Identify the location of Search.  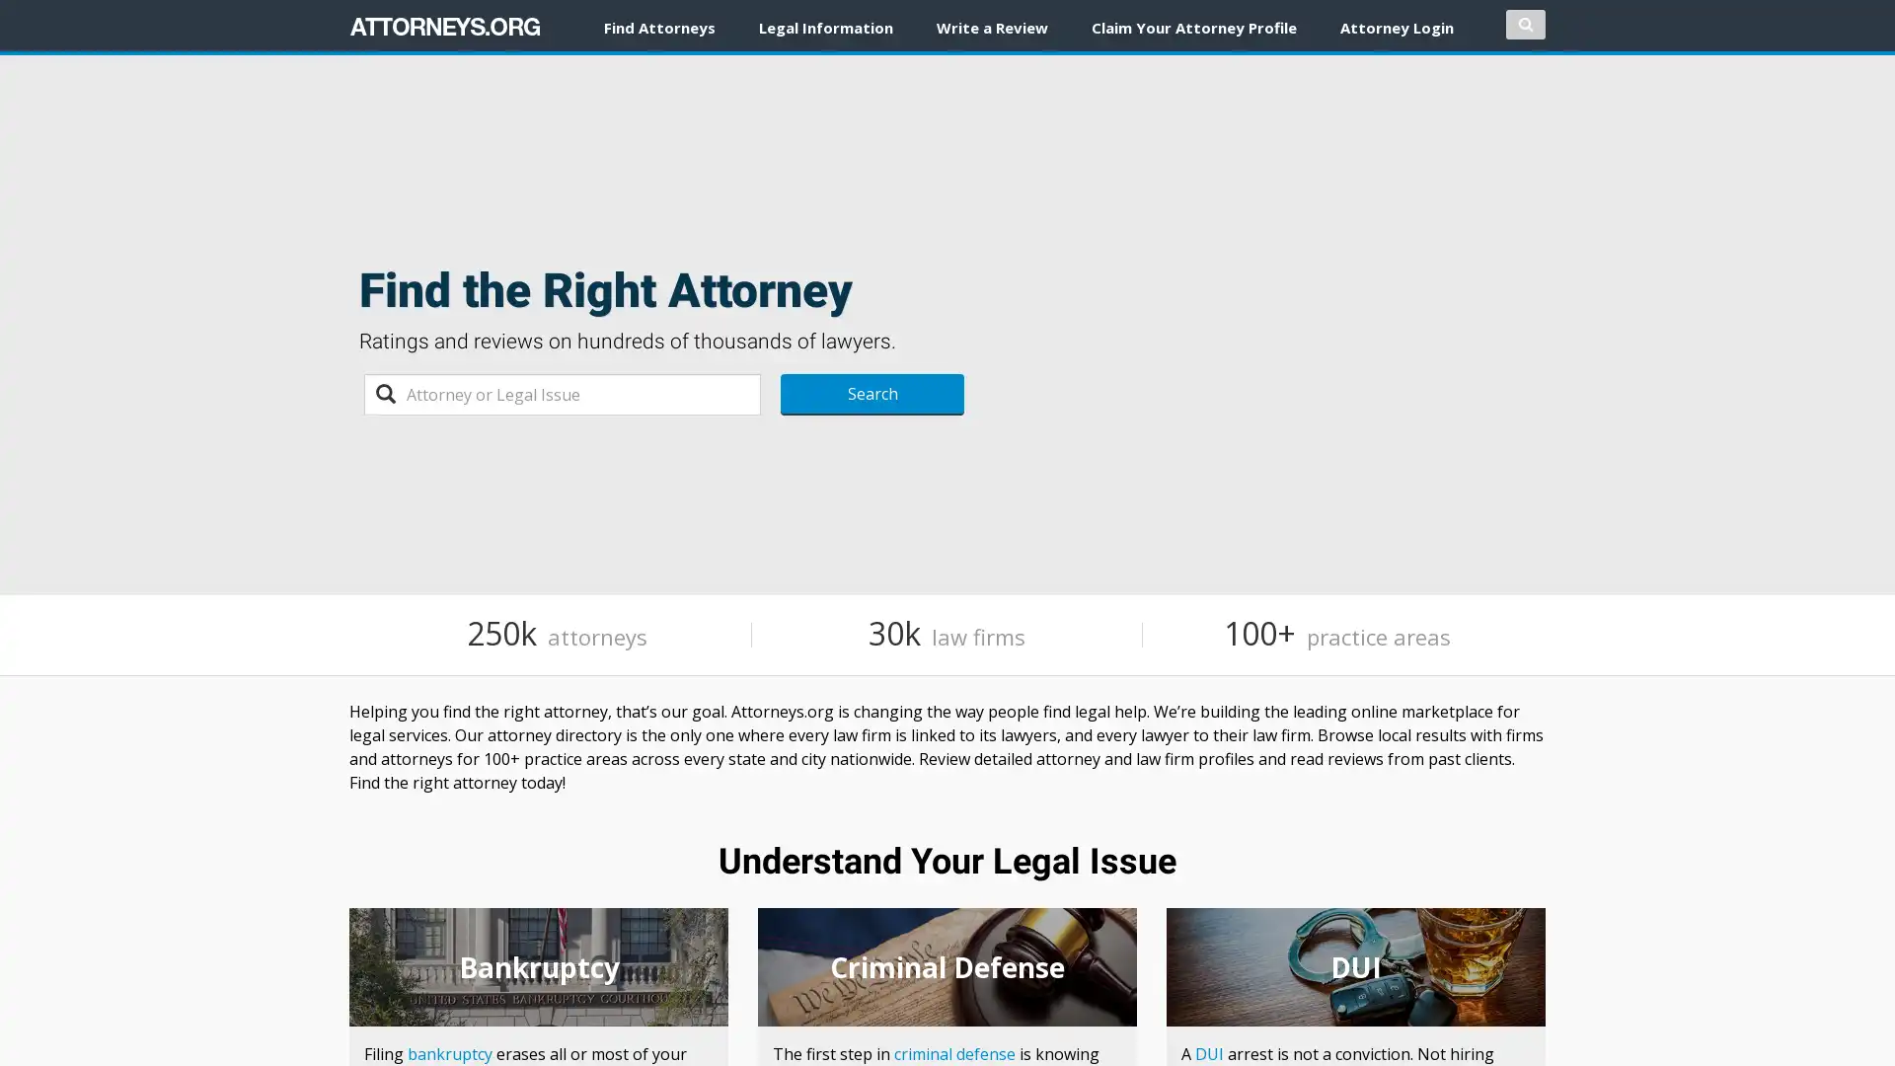
(871, 395).